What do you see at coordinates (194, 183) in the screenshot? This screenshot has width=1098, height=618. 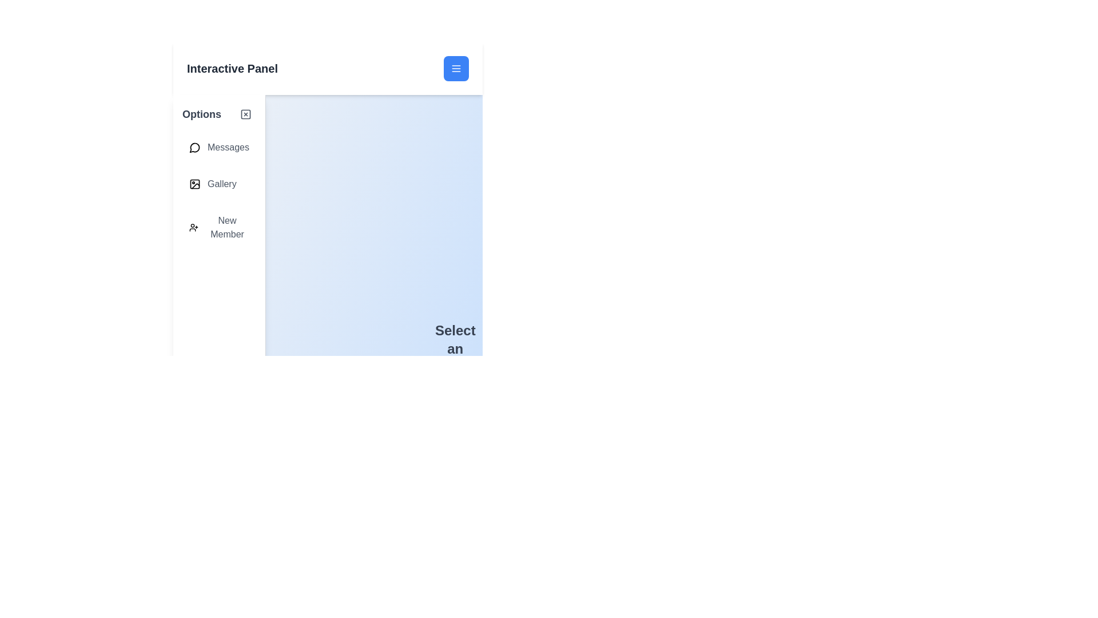 I see `the small rectangle with rounded corners that serves as a background or border for an icon, located centrally within the icon under the 'Gallery' menu option` at bounding box center [194, 183].